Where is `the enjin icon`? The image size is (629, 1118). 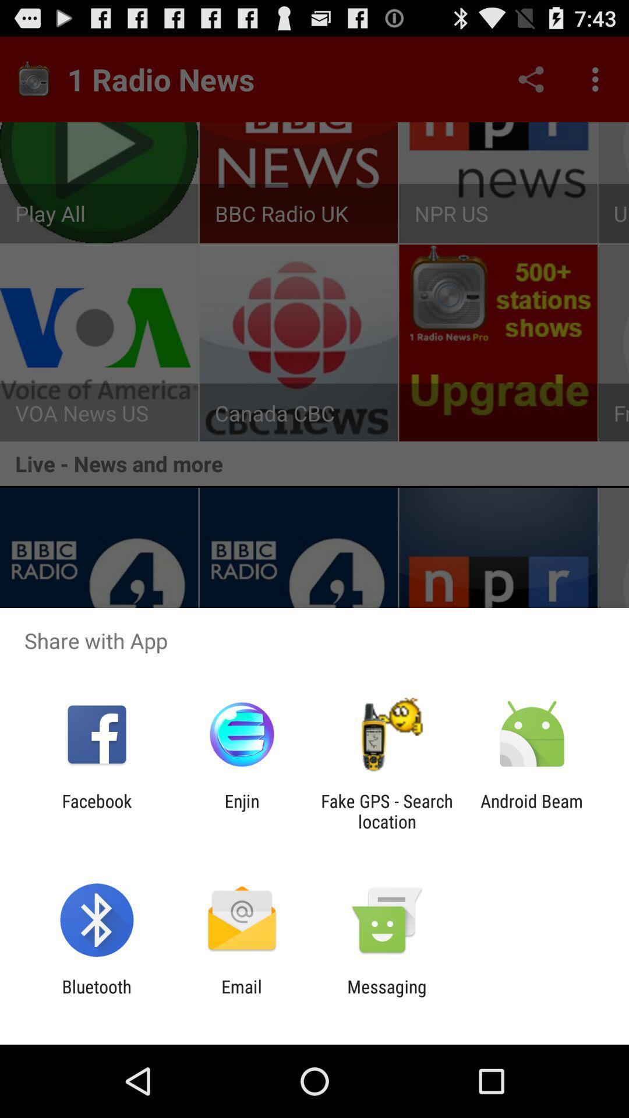
the enjin icon is located at coordinates (241, 811).